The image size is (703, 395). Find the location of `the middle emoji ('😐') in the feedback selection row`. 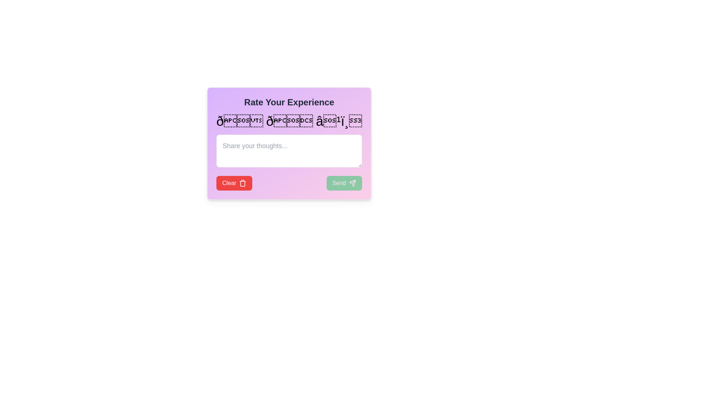

the middle emoji ('😐') in the feedback selection row is located at coordinates (289, 121).